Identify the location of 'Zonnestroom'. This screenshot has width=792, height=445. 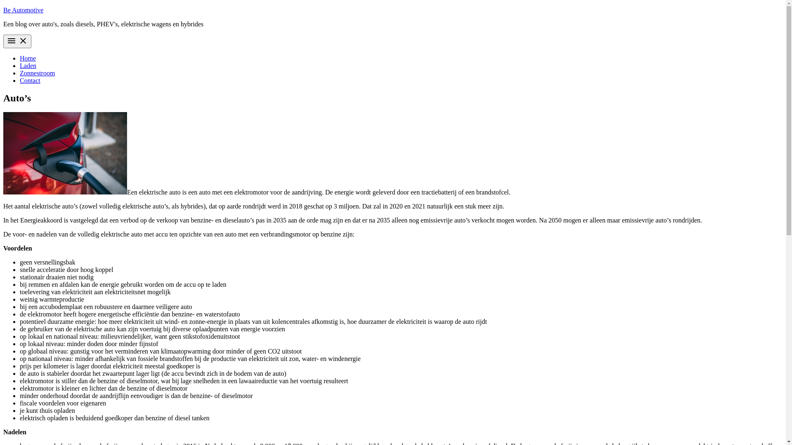
(37, 73).